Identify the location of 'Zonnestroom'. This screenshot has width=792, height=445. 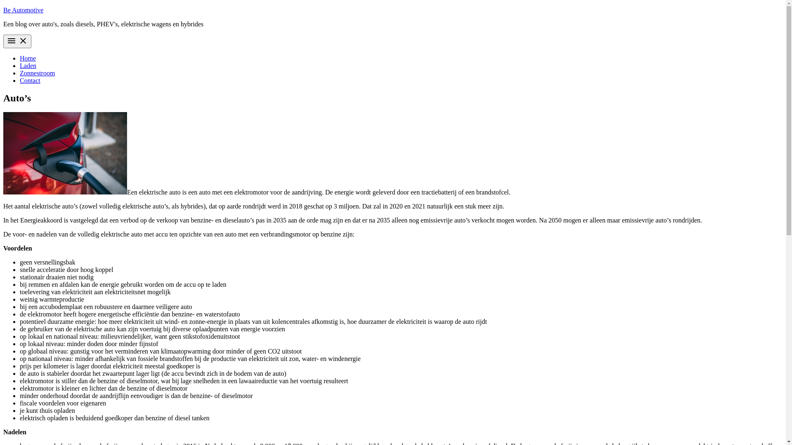
(37, 73).